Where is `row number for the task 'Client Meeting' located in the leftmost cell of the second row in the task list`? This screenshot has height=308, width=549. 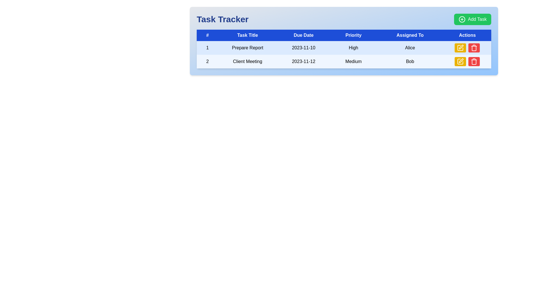 row number for the task 'Client Meeting' located in the leftmost cell of the second row in the task list is located at coordinates (207, 62).